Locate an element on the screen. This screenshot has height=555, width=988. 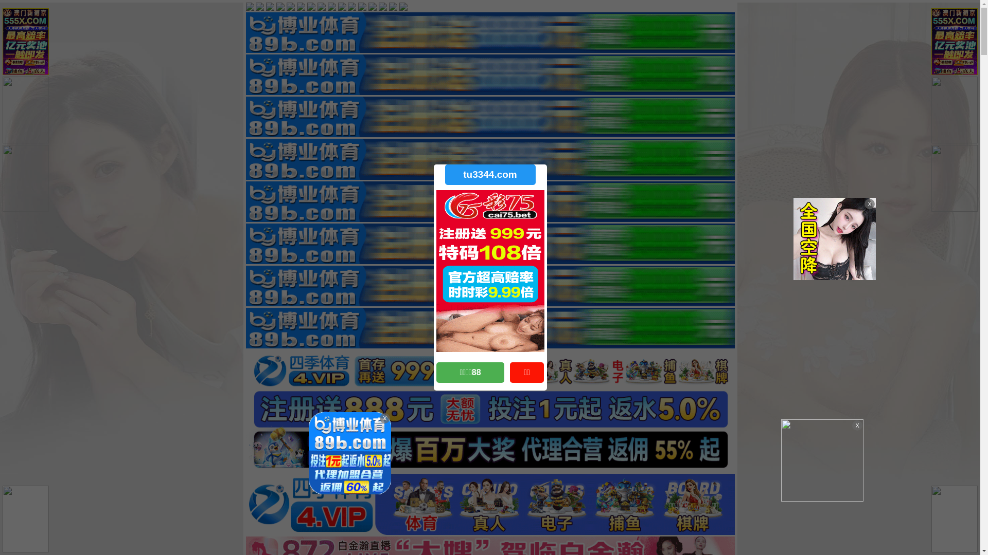
'tu3344.com' is located at coordinates (489, 174).